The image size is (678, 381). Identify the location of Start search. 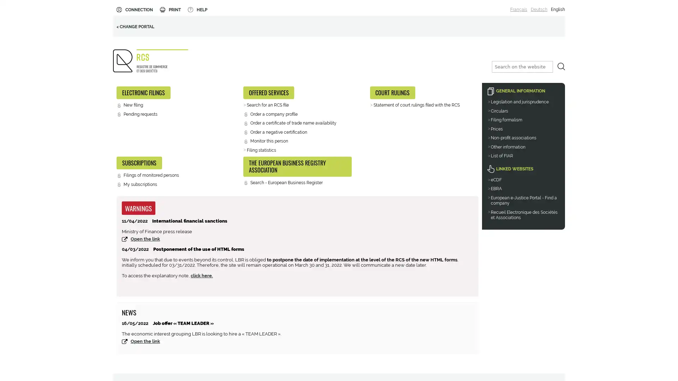
(561, 66).